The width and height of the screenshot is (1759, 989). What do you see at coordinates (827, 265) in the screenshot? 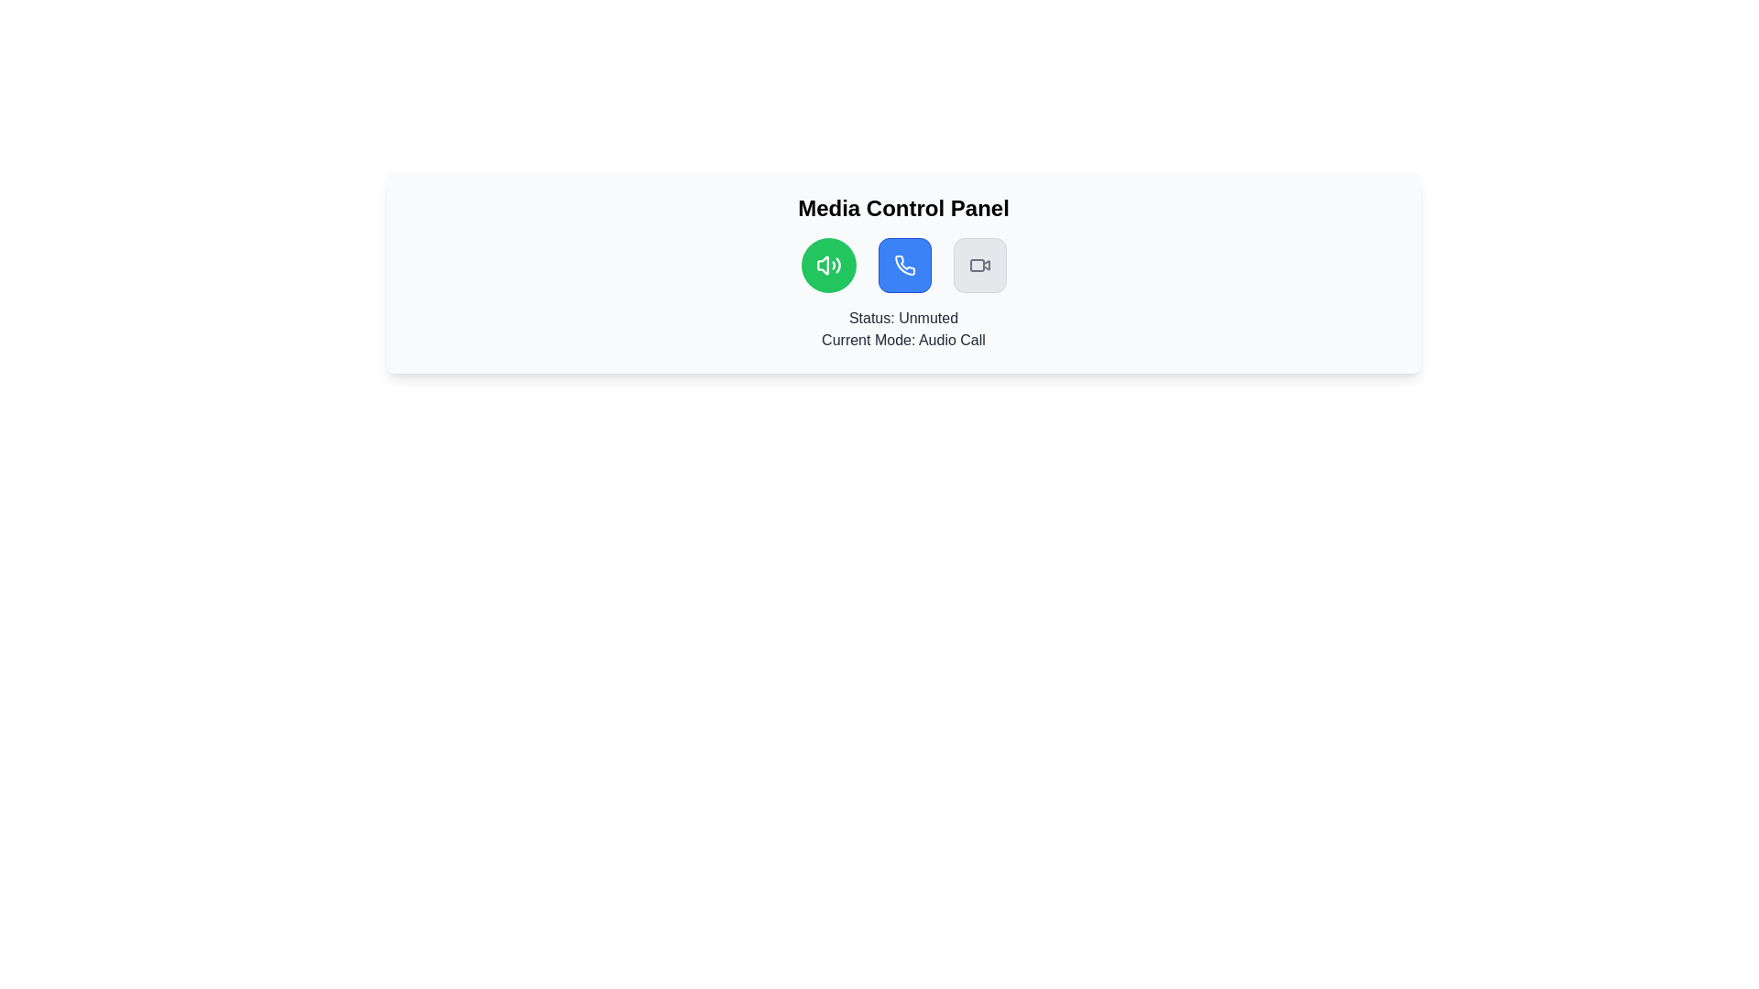
I see `the speaker icon button with a green circular background in the media control panel` at bounding box center [827, 265].